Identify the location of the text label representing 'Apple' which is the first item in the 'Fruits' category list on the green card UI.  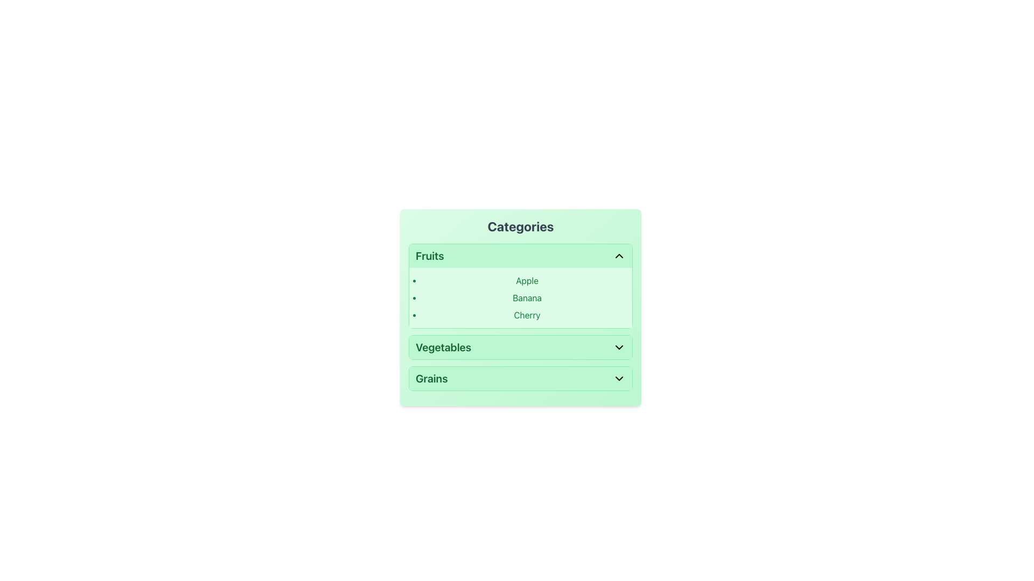
(527, 280).